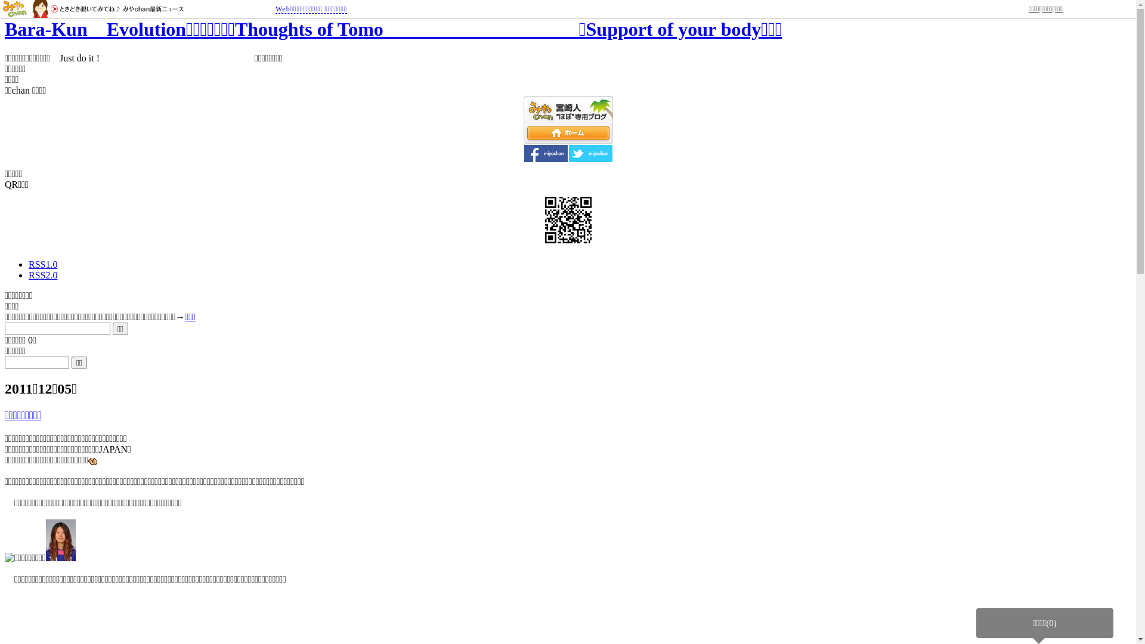 Image resolution: width=1145 pixels, height=644 pixels. Describe the element at coordinates (29, 264) in the screenshot. I see `'RSS1.0'` at that location.